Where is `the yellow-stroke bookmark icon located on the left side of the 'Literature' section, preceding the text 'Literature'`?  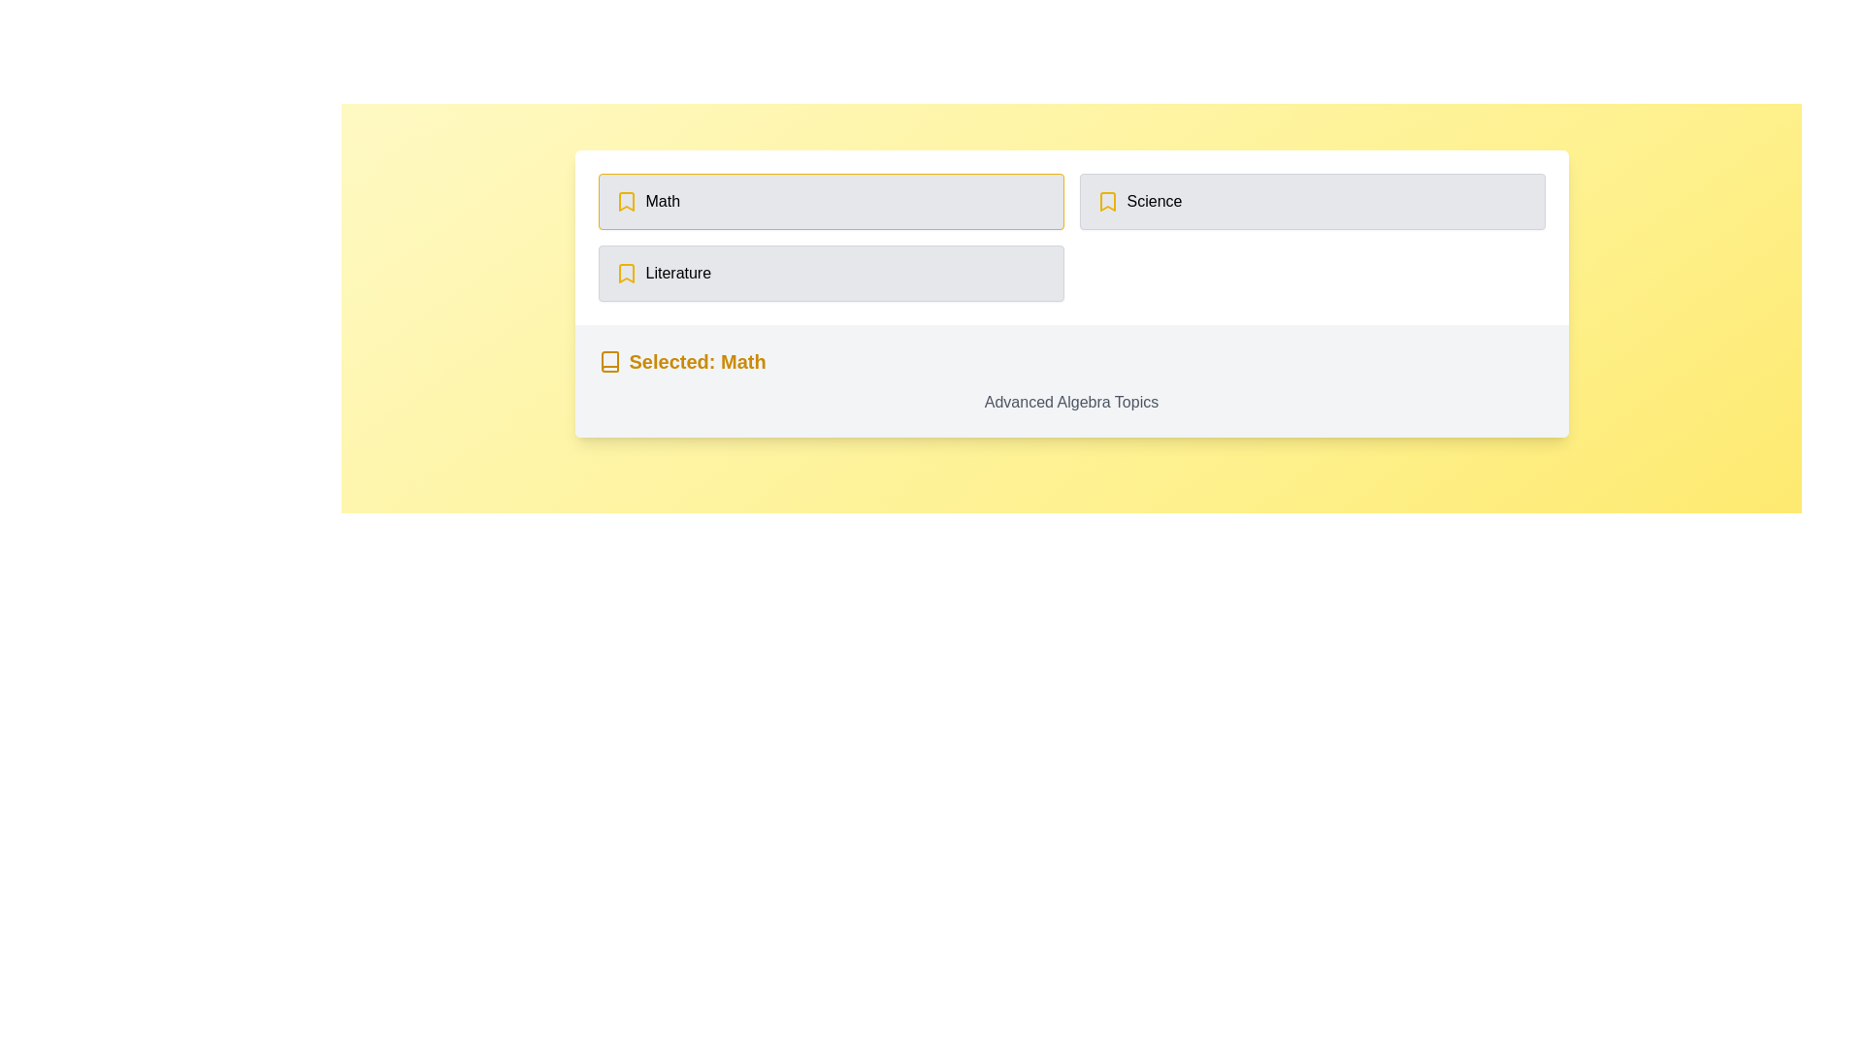 the yellow-stroke bookmark icon located on the left side of the 'Literature' section, preceding the text 'Literature' is located at coordinates (626, 273).